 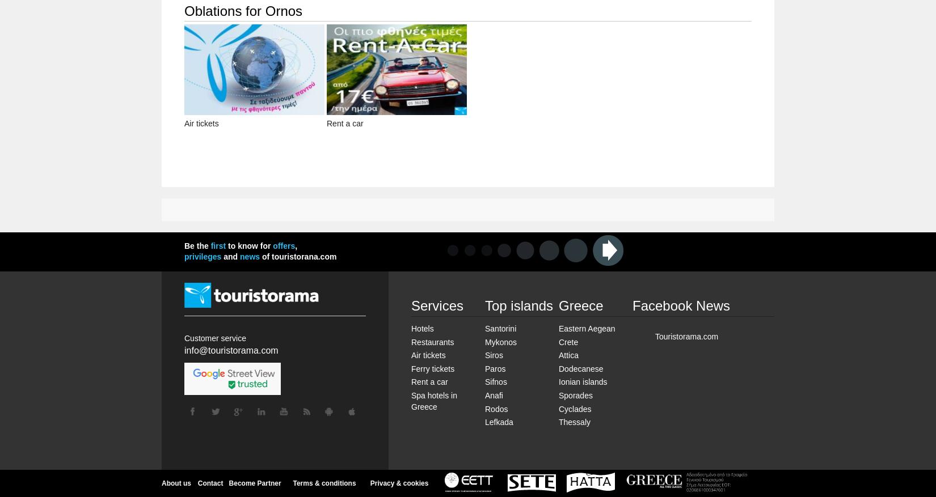 I want to click on 'of touristorana.com', so click(x=297, y=256).